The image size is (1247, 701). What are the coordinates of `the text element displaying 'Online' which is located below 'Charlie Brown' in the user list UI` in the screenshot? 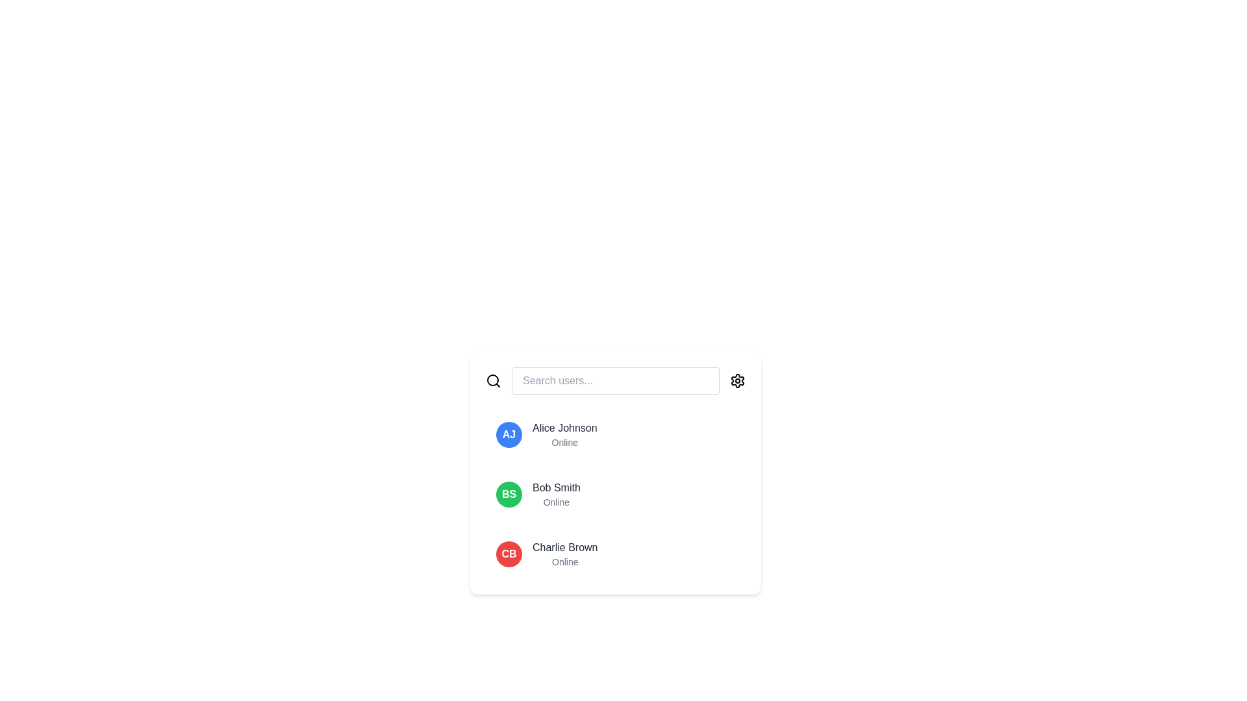 It's located at (565, 561).